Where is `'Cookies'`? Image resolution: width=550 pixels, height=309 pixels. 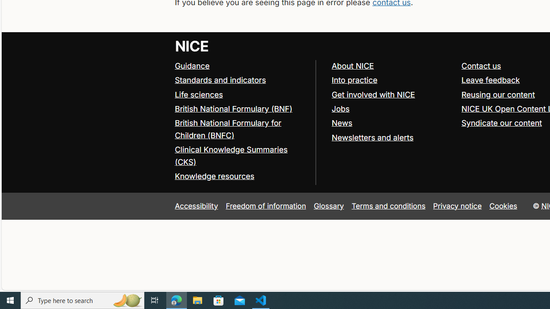 'Cookies' is located at coordinates (503, 206).